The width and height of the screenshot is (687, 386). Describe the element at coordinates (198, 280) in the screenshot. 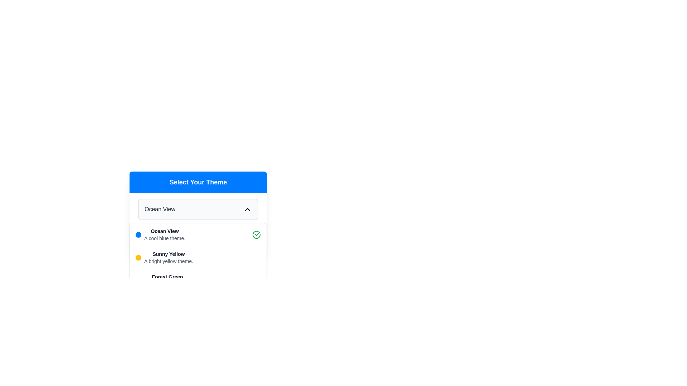

I see `the 'Forest Green' dropdown option, which is the third item in the dropdown list` at that location.